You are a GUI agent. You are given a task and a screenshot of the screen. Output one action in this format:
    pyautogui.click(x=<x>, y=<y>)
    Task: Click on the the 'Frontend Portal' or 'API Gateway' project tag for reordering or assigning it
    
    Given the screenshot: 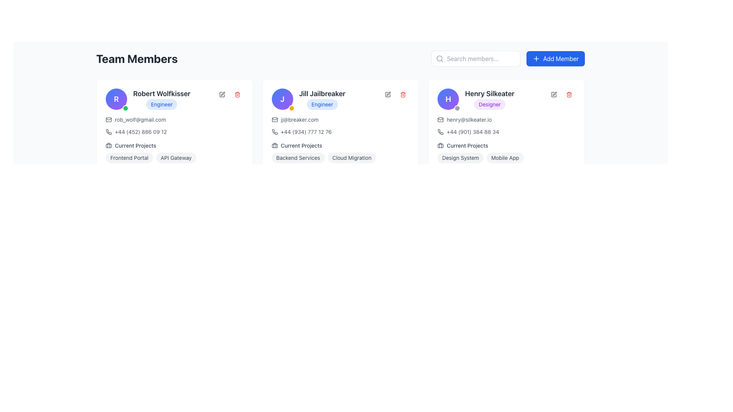 What is the action you would take?
    pyautogui.click(x=174, y=157)
    